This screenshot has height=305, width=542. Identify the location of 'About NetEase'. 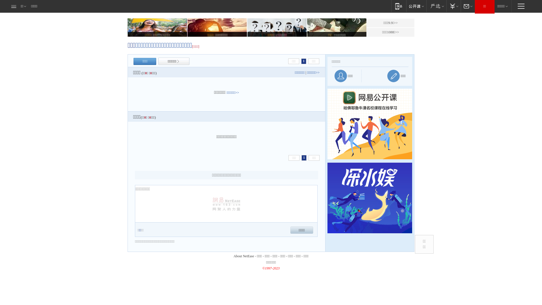
(244, 256).